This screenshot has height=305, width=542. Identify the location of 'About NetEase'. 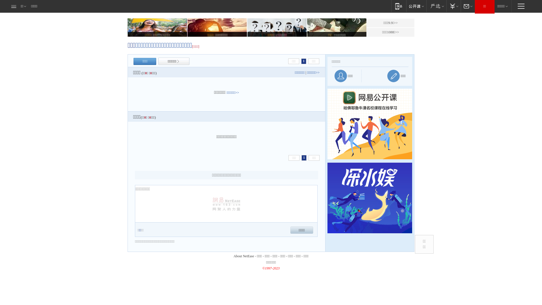
(244, 256).